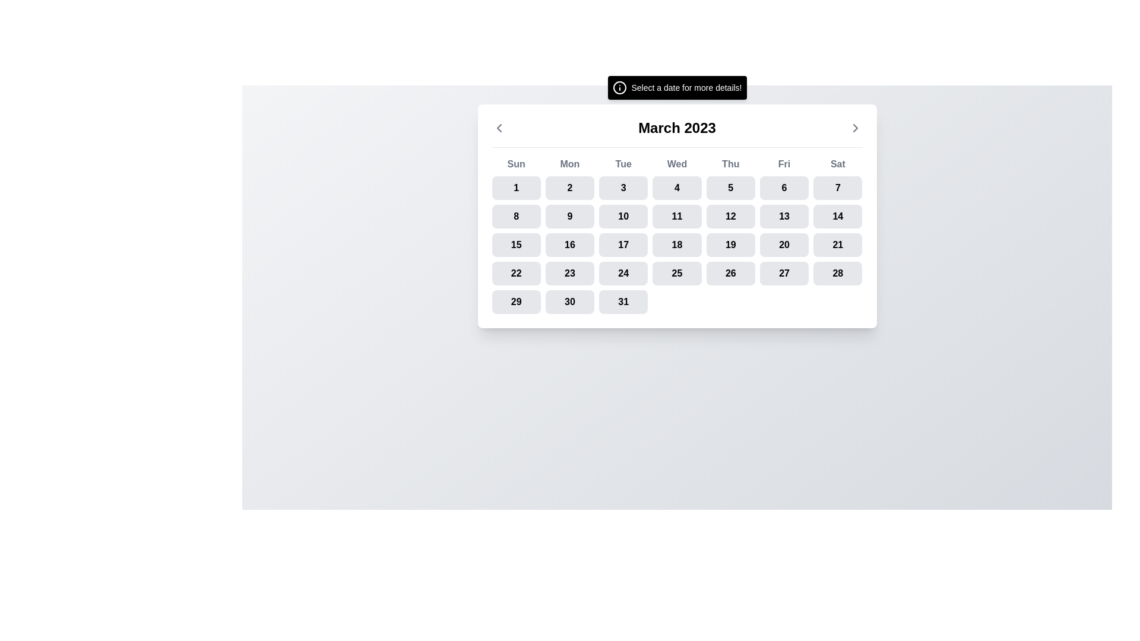 Image resolution: width=1140 pixels, height=641 pixels. Describe the element at coordinates (623, 274) in the screenshot. I see `the rounded rectangular button displaying the number '24' located in the fifth row and third column of the calendar grid` at that location.